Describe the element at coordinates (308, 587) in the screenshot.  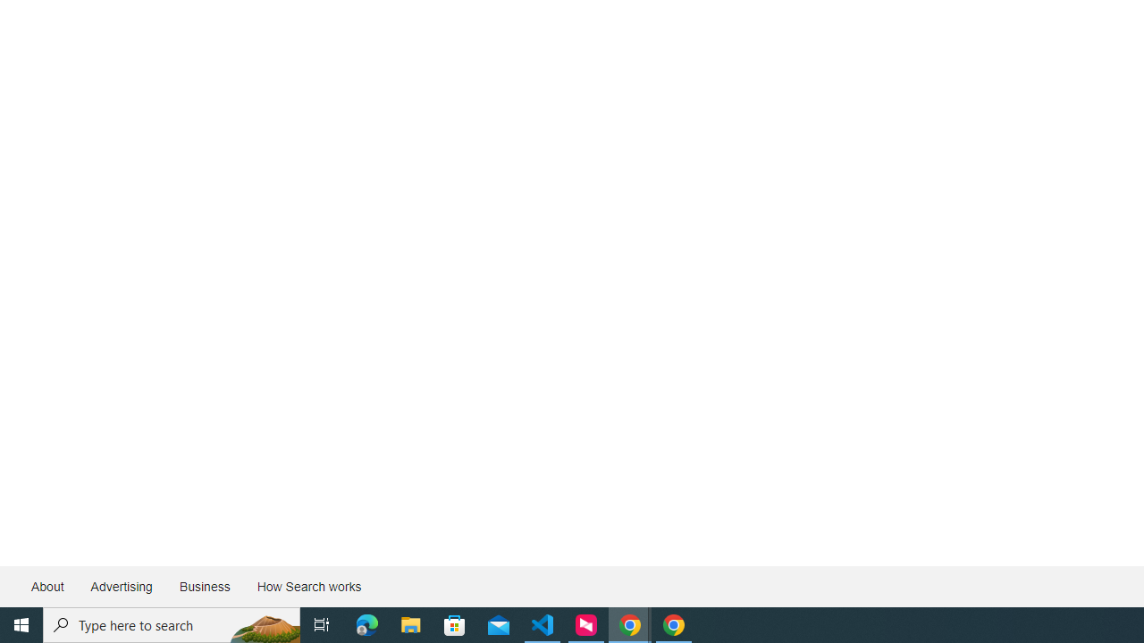
I see `'How Search works'` at that location.